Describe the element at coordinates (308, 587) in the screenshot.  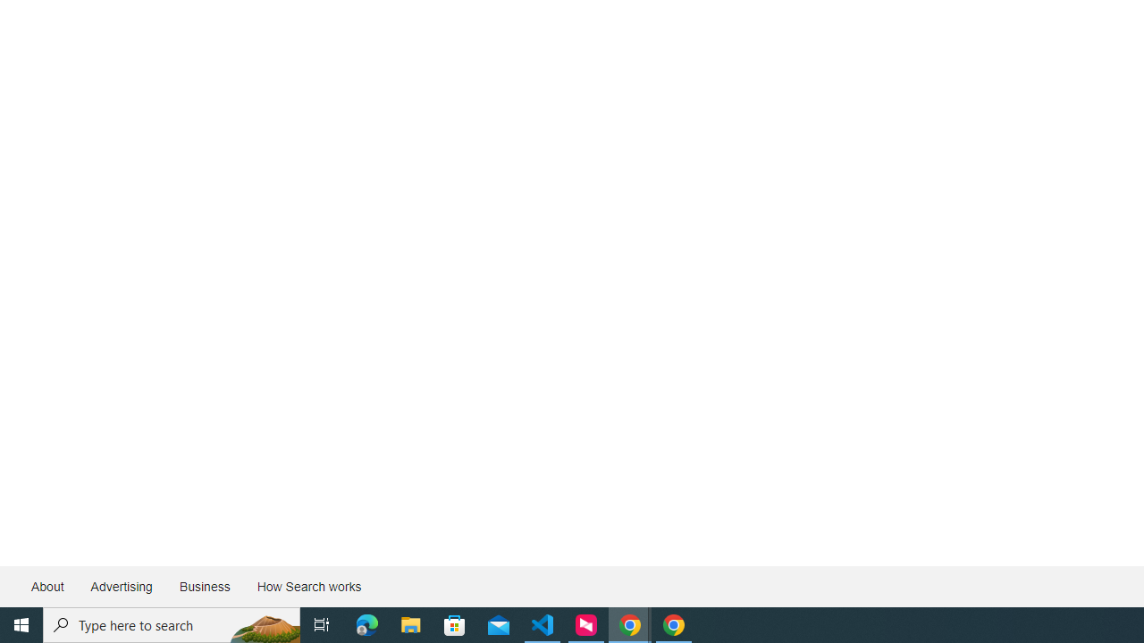
I see `'How Search works'` at that location.